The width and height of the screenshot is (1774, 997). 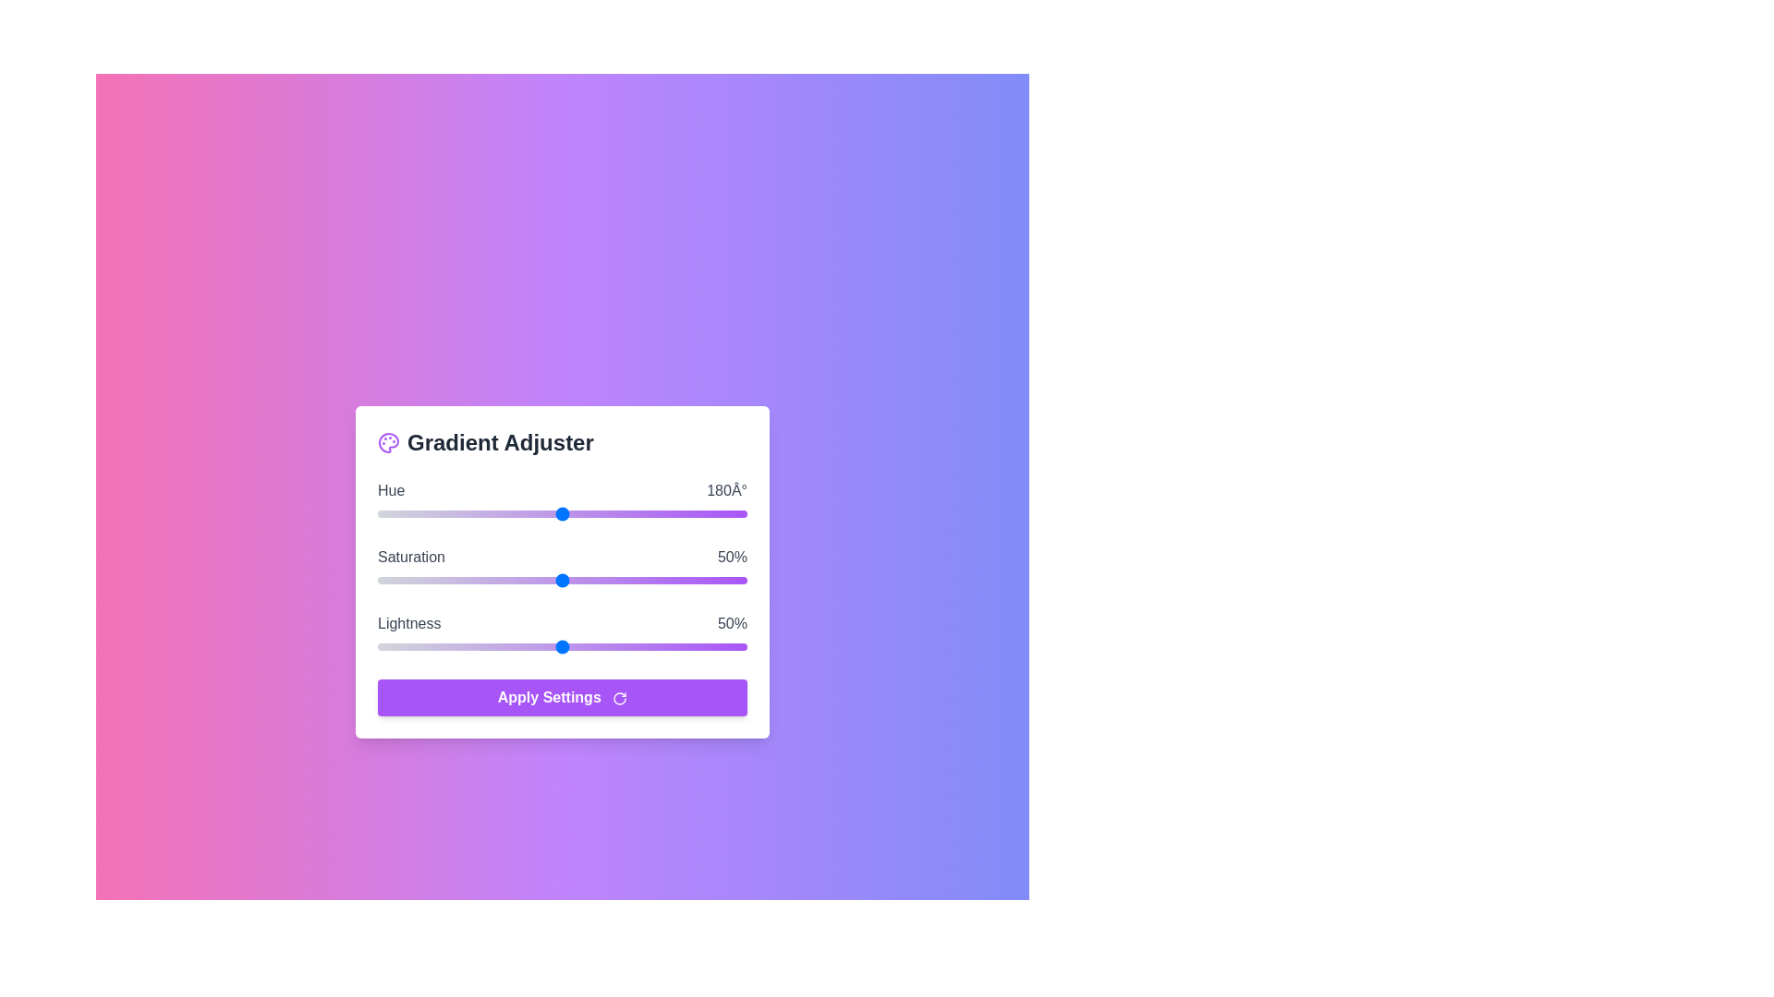 What do you see at coordinates (576, 513) in the screenshot?
I see `the Hue slider to set the value to 194` at bounding box center [576, 513].